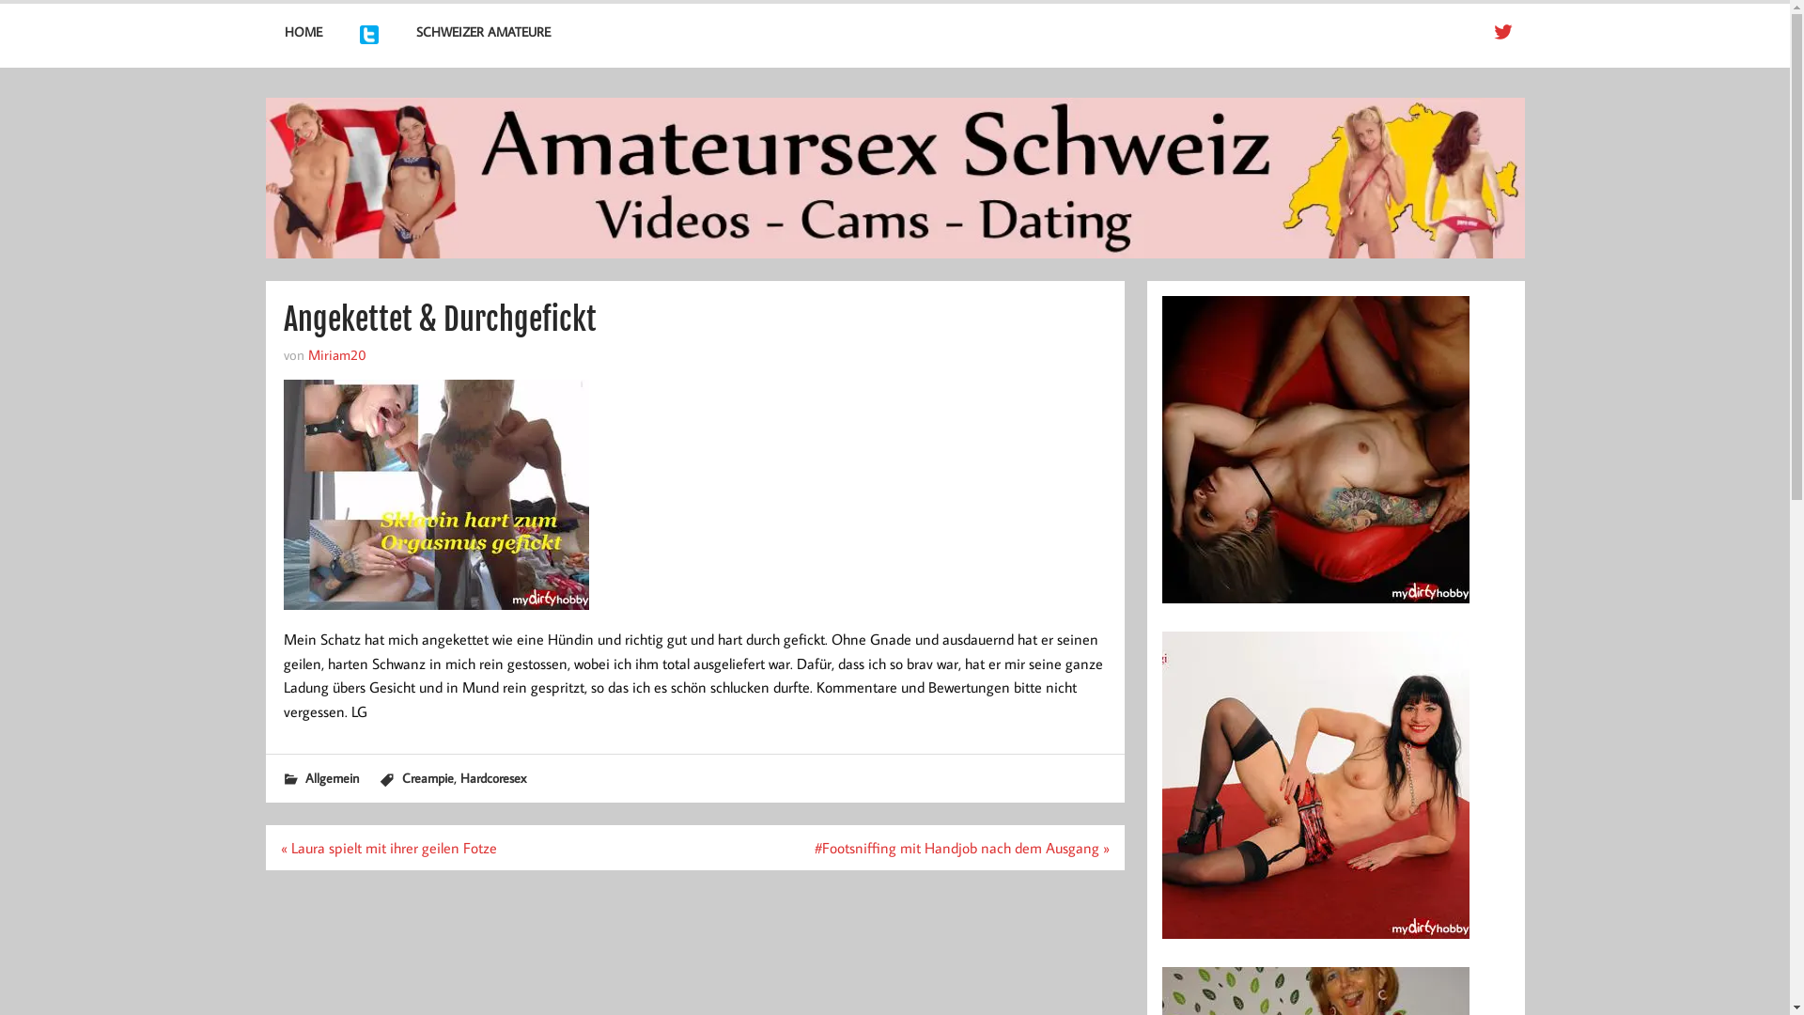 Image resolution: width=1804 pixels, height=1015 pixels. Describe the element at coordinates (331, 777) in the screenshot. I see `'Allgemein'` at that location.